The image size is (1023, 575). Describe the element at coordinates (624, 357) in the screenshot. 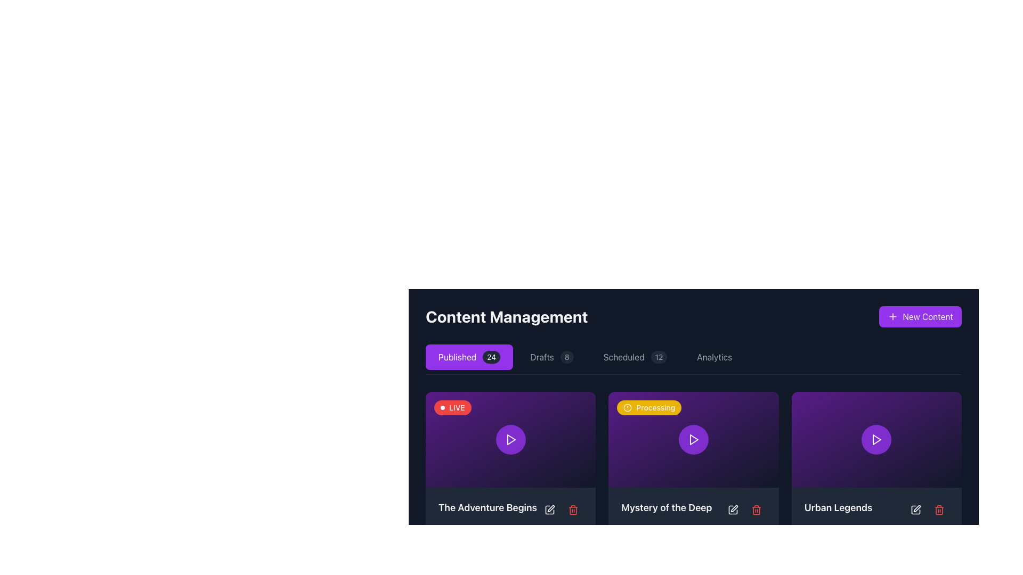

I see `the 'Scheduled' text label which is part of the navigation bar at the top of the content grid` at that location.